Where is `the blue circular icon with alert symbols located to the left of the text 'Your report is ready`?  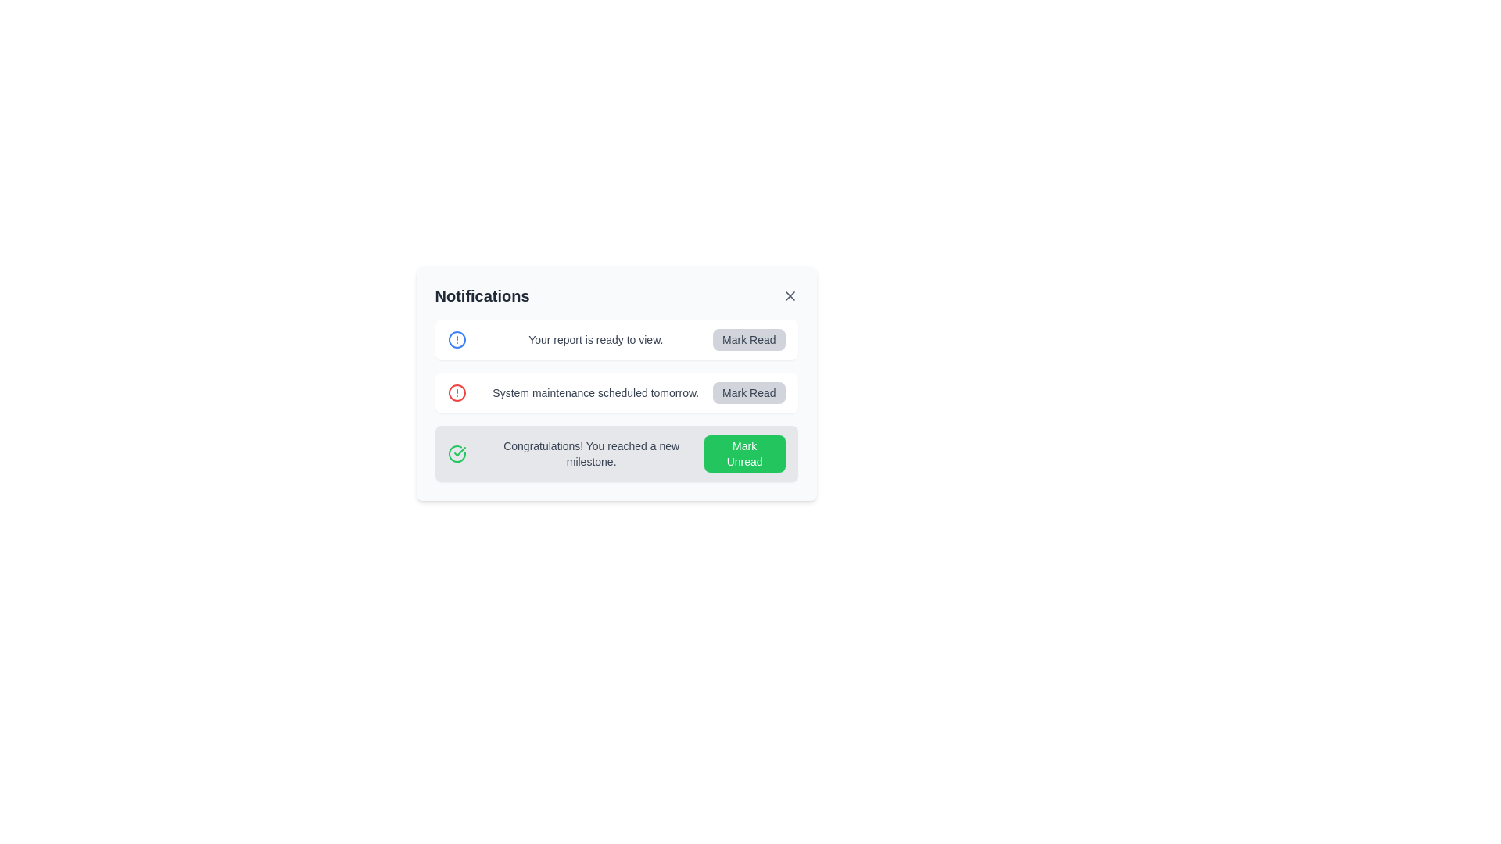
the blue circular icon with alert symbols located to the left of the text 'Your report is ready is located at coordinates (456, 339).